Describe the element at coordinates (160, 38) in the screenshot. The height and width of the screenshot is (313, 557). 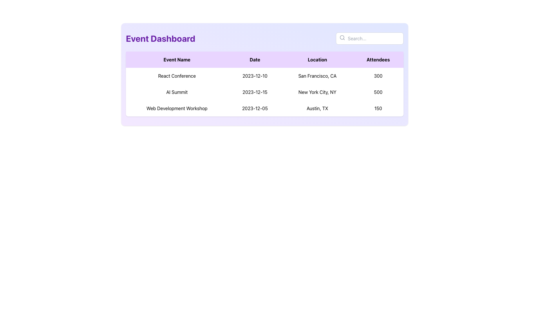
I see `the Text Header element located in the upper-left corner of the interface, which serves as the title for the event dashboard` at that location.